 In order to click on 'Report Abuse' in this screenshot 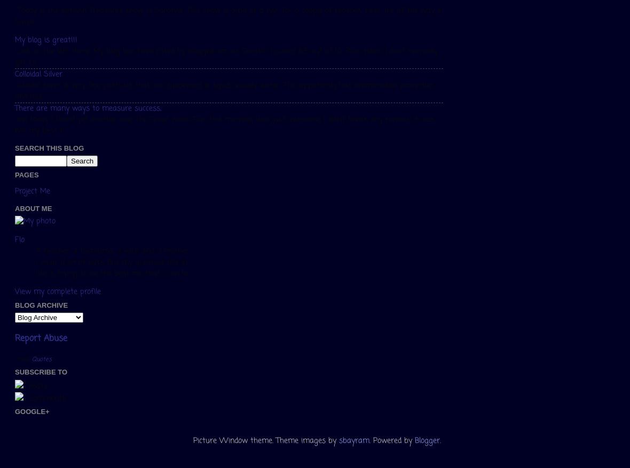, I will do `click(41, 338)`.